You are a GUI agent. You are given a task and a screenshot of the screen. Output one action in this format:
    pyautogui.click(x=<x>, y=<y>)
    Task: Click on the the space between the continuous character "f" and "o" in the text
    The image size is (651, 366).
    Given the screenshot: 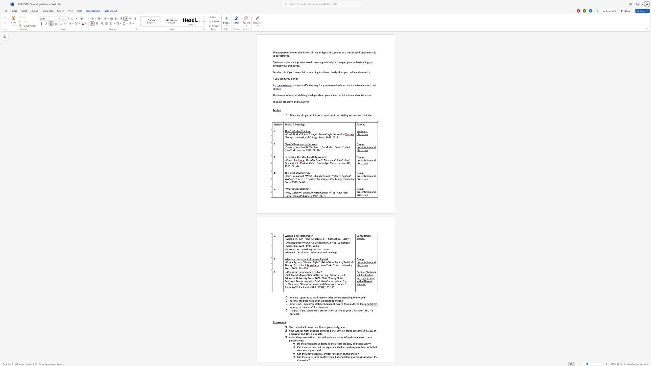 What is the action you would take?
    pyautogui.click(x=324, y=262)
    